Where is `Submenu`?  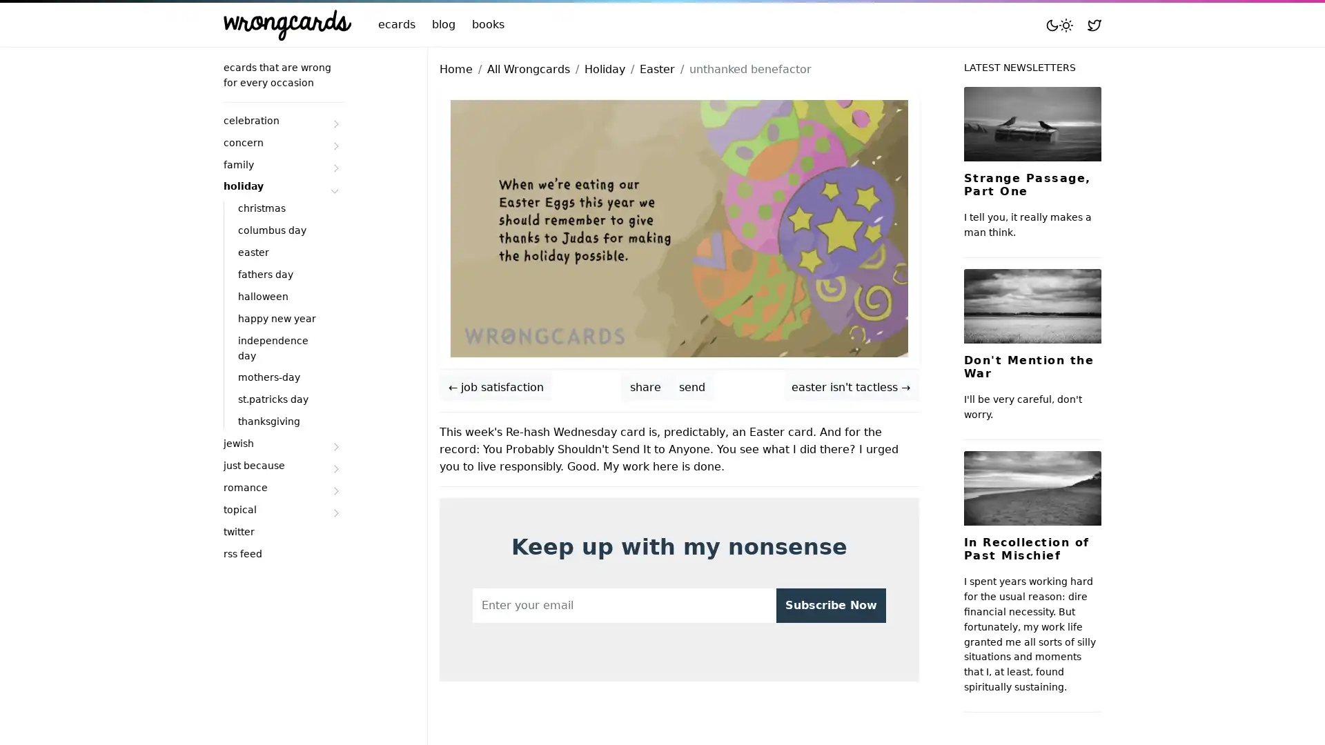 Submenu is located at coordinates (334, 189).